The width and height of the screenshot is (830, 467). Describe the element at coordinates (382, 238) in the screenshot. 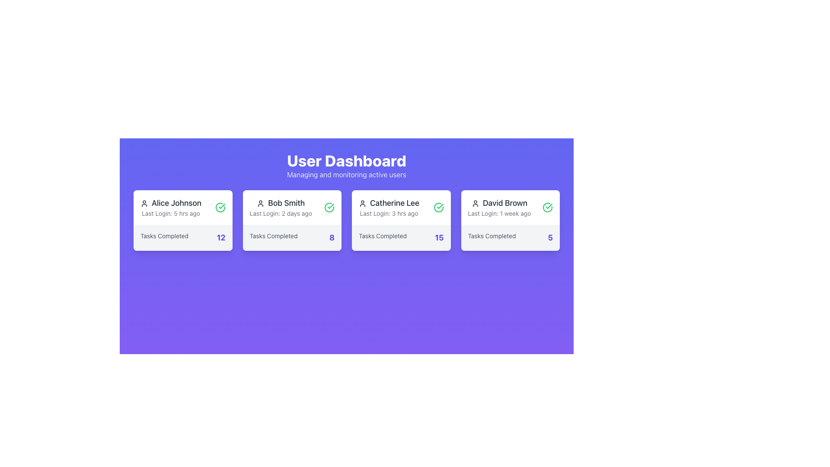

I see `the text label that describes the adjacent number '15' in the third card under 'User Dashboard' for 'Catherine Lee'` at that location.